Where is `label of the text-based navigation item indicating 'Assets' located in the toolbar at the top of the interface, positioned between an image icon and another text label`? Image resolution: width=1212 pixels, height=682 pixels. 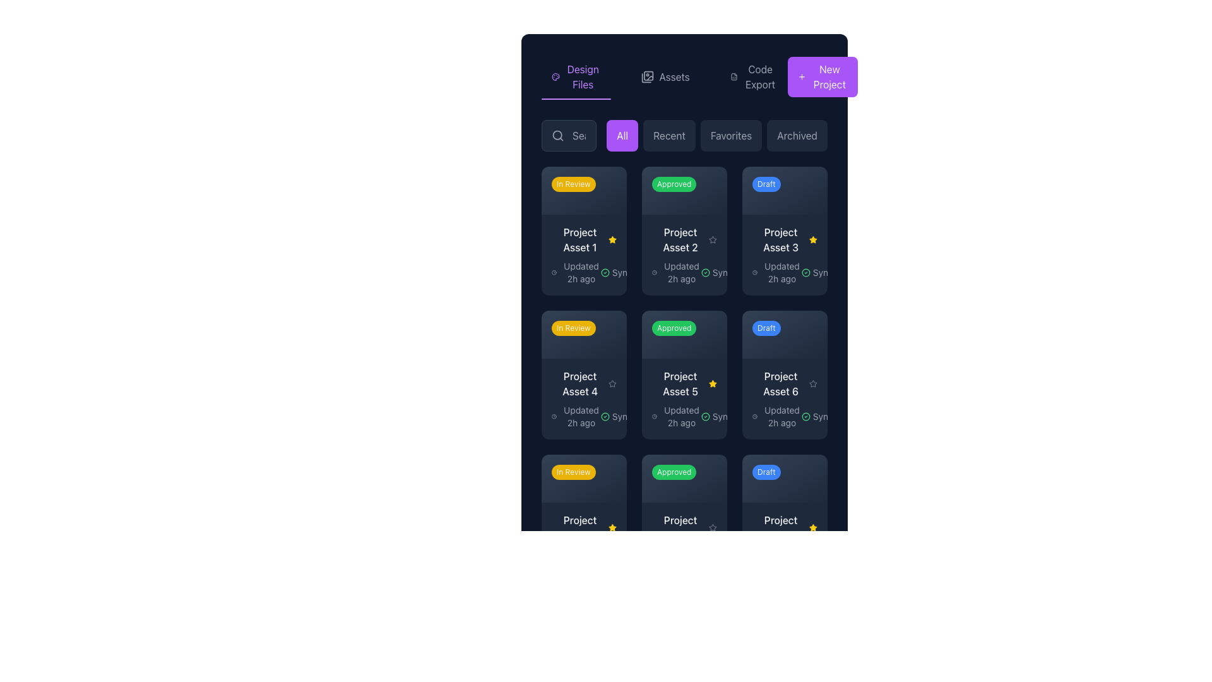
label of the text-based navigation item indicating 'Assets' located in the toolbar at the top of the interface, positioned between an image icon and another text label is located at coordinates (674, 77).